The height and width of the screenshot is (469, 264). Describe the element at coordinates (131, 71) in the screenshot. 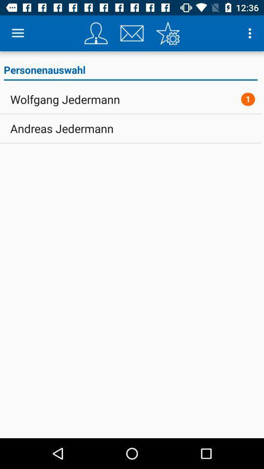

I see `item above the wolfgang jedermann icon` at that location.